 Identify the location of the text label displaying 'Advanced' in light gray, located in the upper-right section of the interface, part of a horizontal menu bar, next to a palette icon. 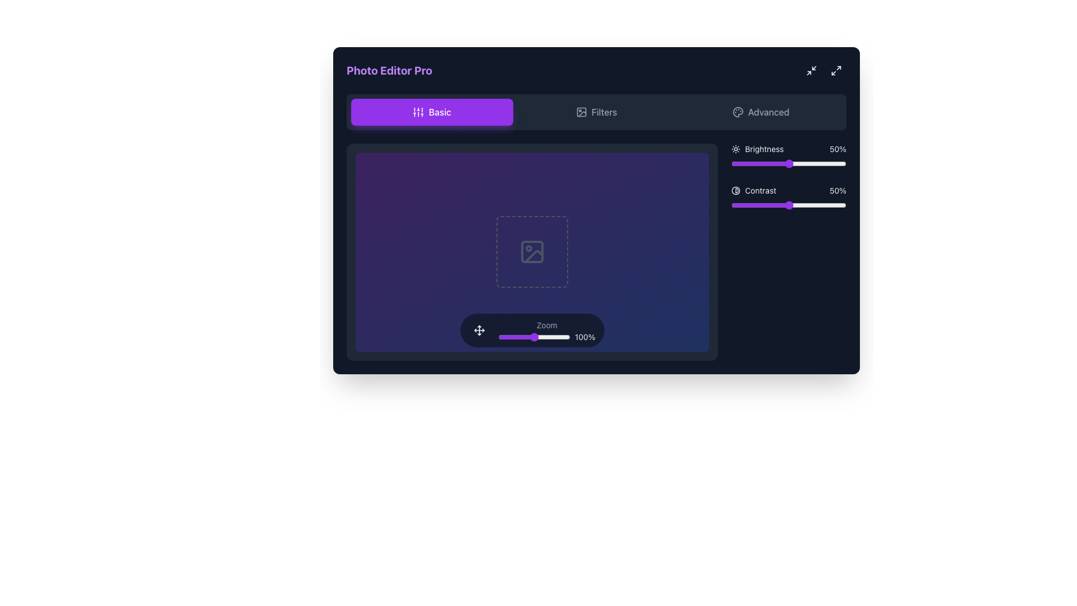
(768, 112).